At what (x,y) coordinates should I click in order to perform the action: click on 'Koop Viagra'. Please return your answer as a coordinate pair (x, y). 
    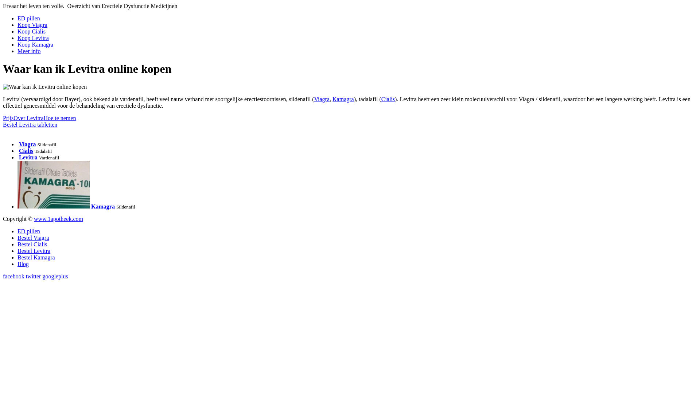
    Looking at the image, I should click on (32, 24).